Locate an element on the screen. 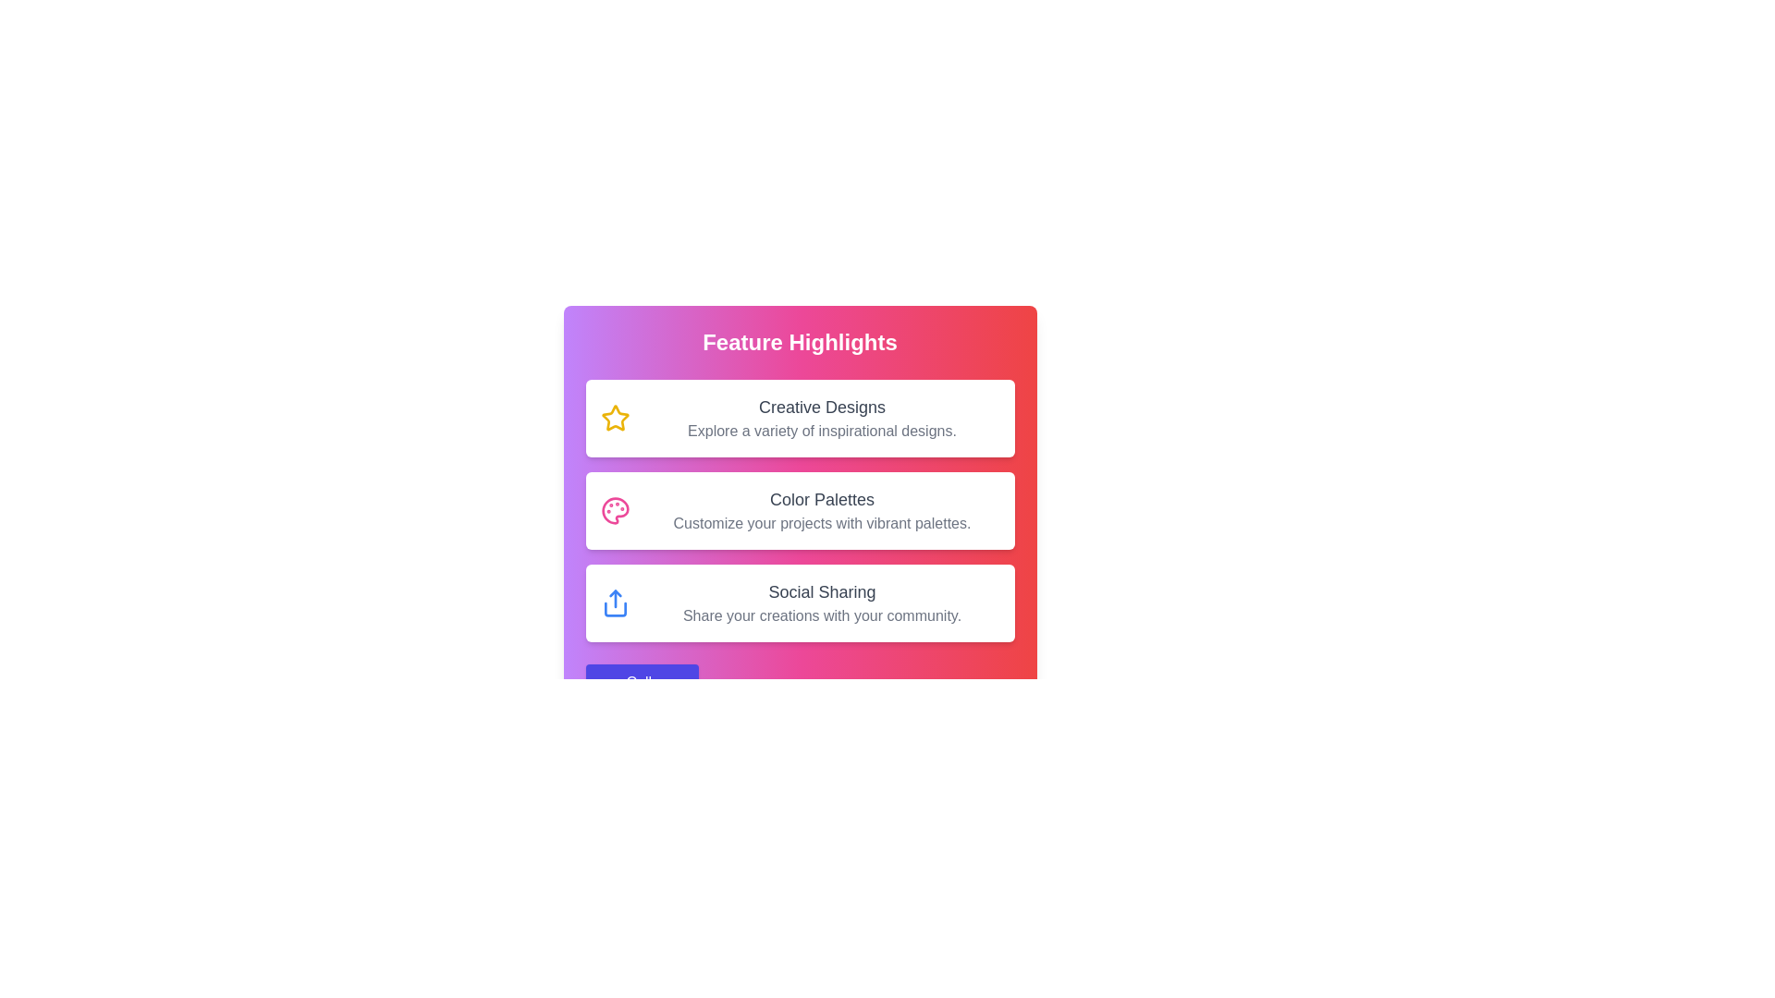 The width and height of the screenshot is (1775, 998). the pink palette icon located within the second entry of the feature cards, below the 'Feature Highlights' heading is located at coordinates (615, 510).